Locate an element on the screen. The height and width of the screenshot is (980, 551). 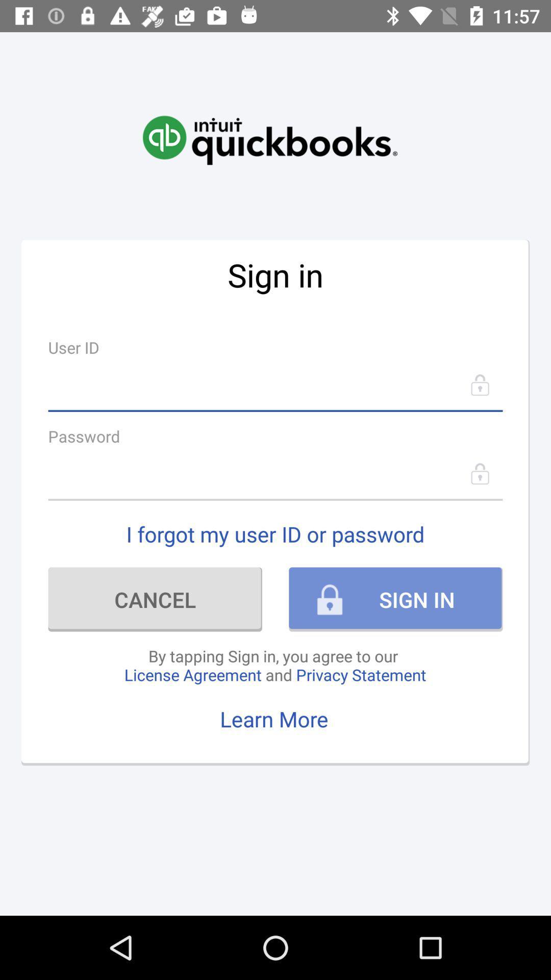
the icon next to sign in icon is located at coordinates (155, 599).